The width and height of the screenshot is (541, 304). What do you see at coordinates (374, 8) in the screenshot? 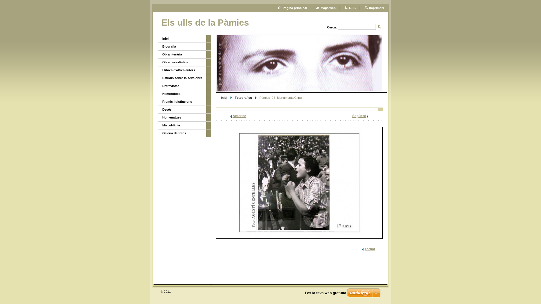
I see `'Imprimeix'` at bounding box center [374, 8].